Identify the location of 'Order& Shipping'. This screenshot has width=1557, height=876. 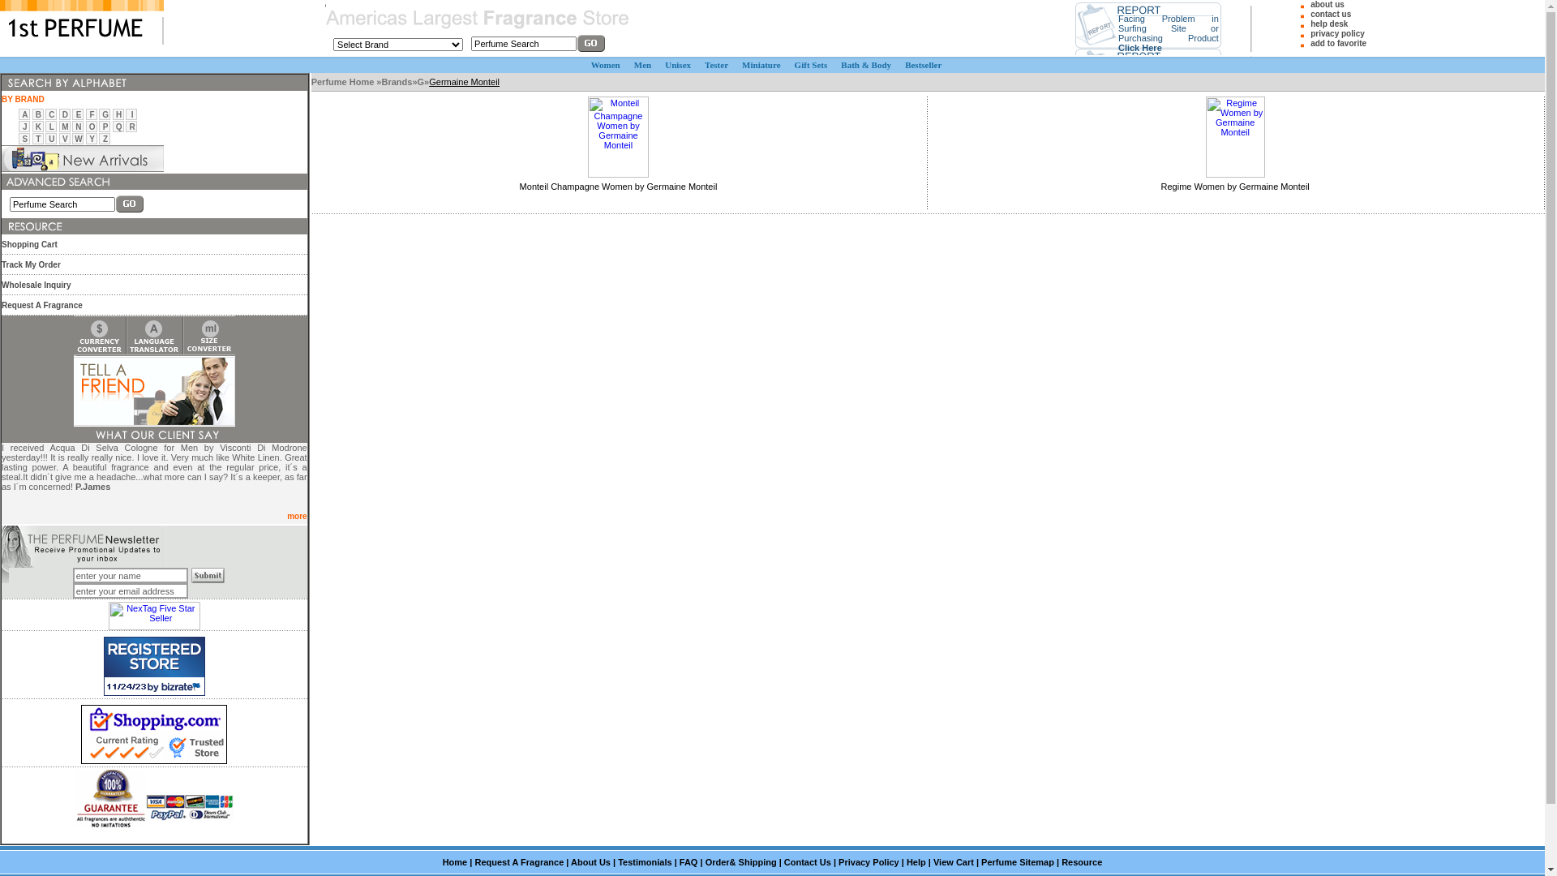
(705, 861).